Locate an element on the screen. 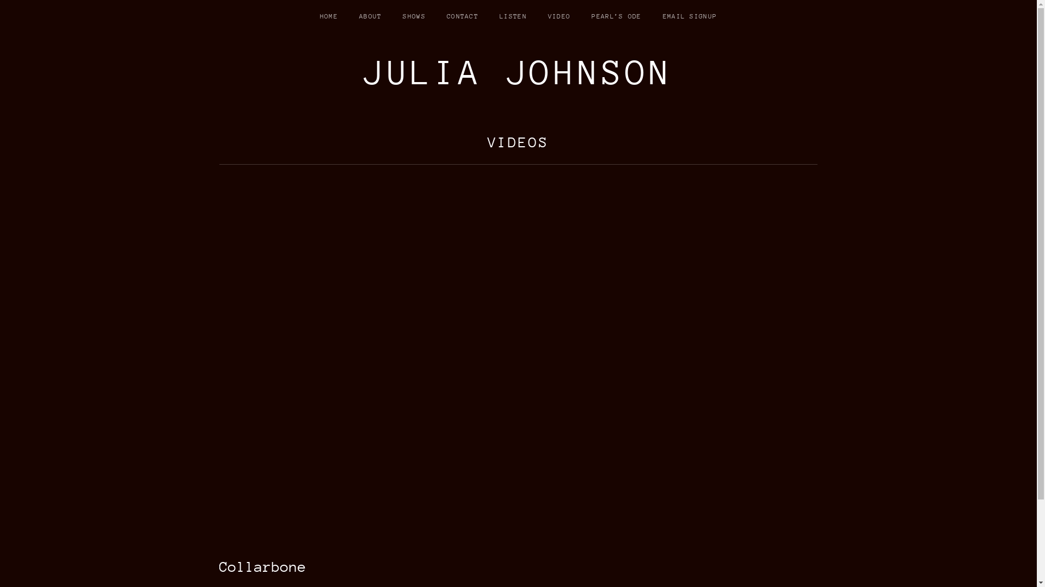 The image size is (1045, 587). 'SHOWS' is located at coordinates (414, 16).